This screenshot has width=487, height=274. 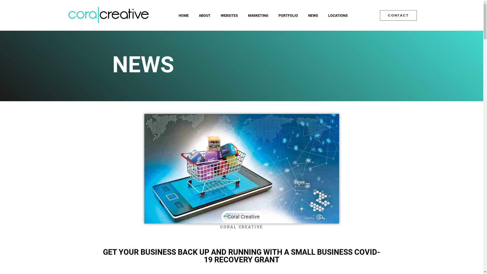 I want to click on 'MARKETING', so click(x=243, y=15).